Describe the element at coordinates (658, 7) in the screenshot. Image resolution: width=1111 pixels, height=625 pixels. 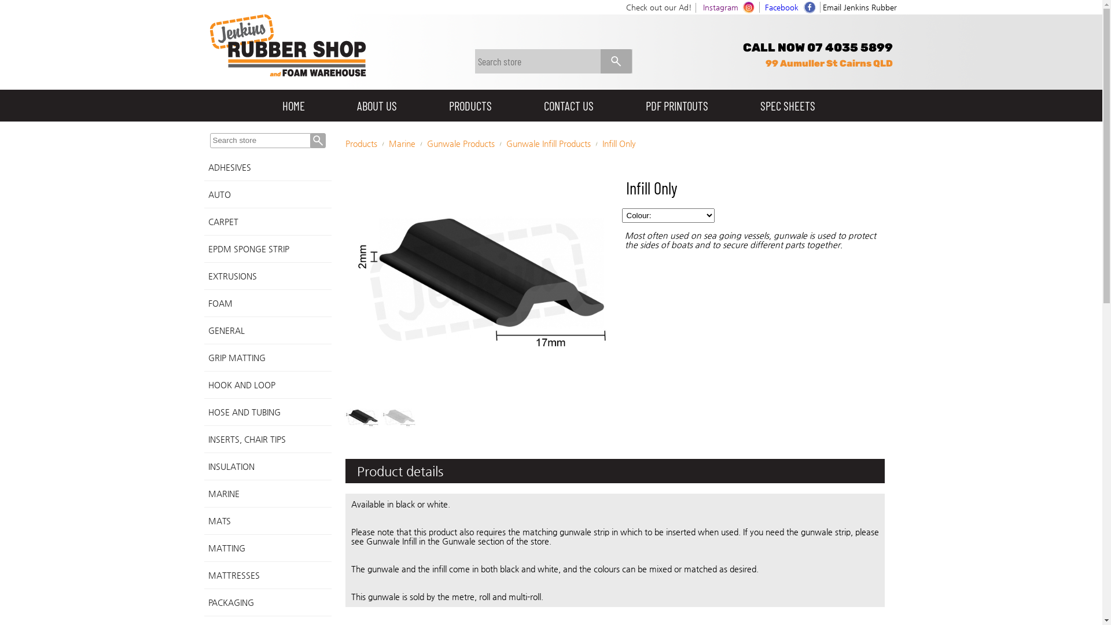
I see `'Check out our Ad!'` at that location.